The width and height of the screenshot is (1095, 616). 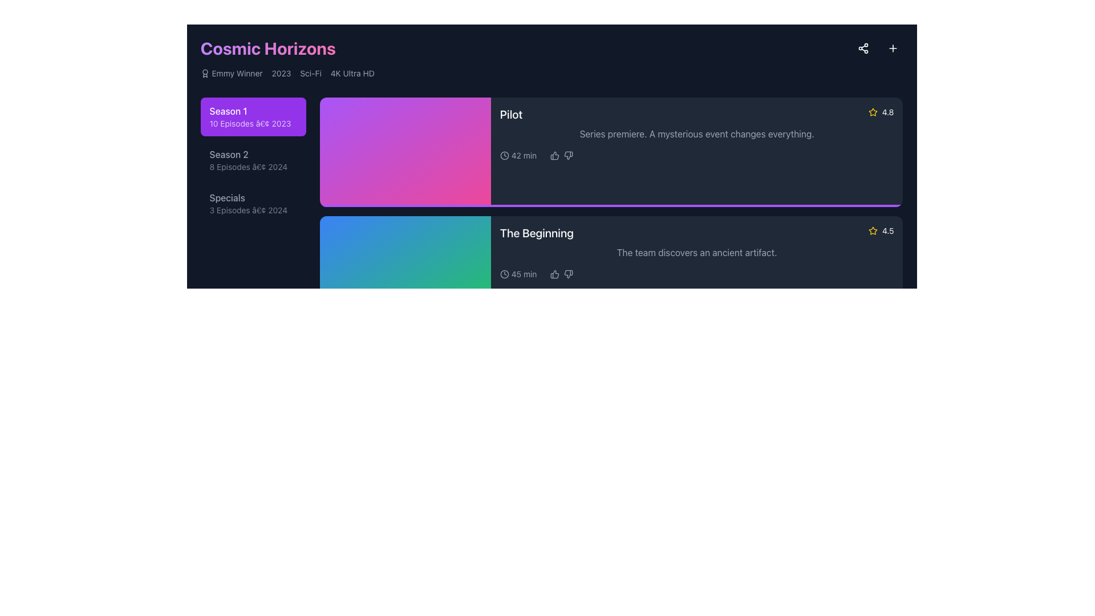 I want to click on the text label displaying '8 Episodes • 2024', which is styled with a small font size and reduced opacity, located below the 'Season 2' heading in a dark-themed interface, so click(x=253, y=167).